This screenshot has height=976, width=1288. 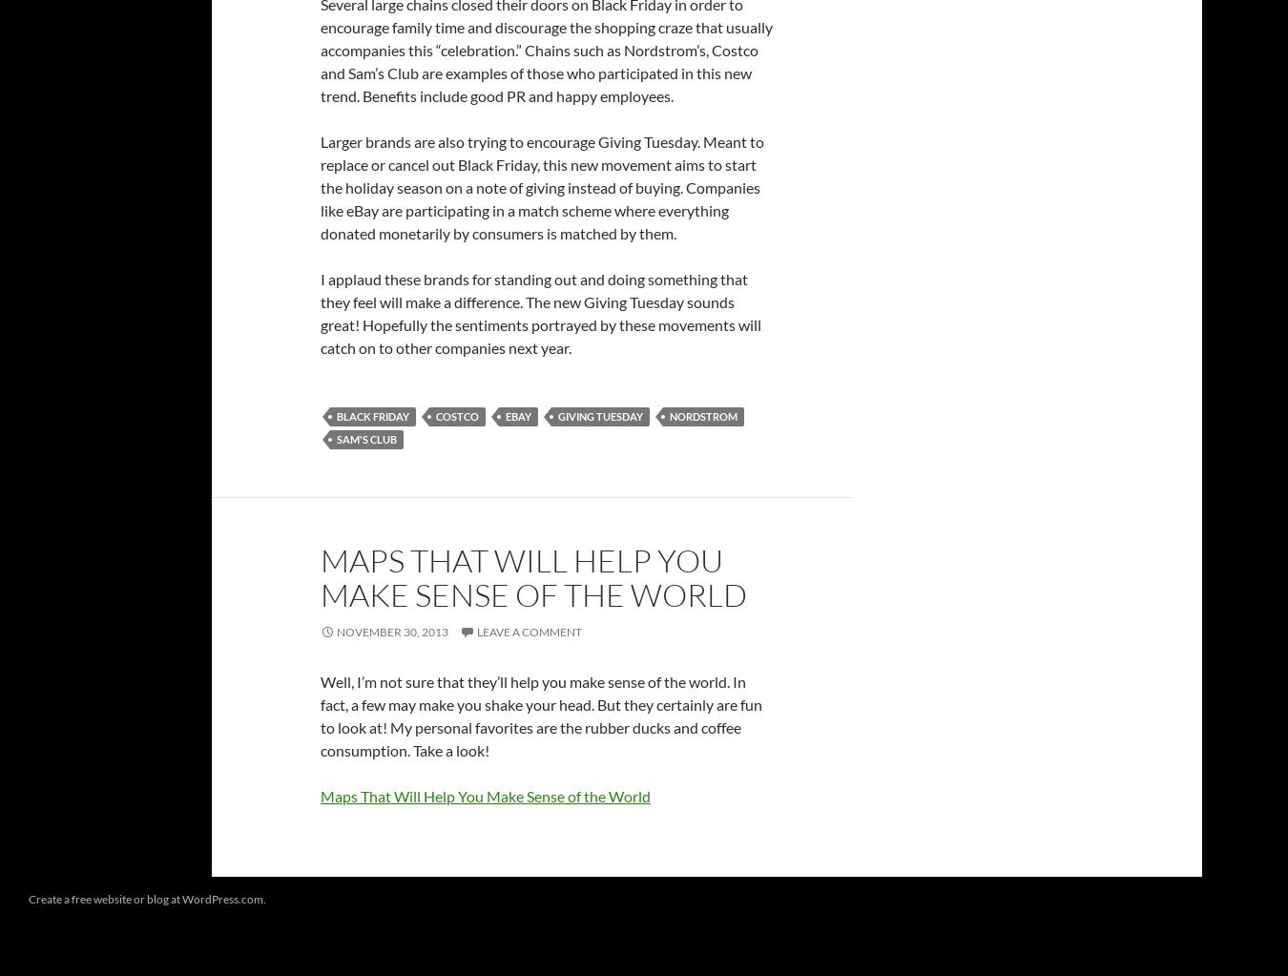 What do you see at coordinates (366, 438) in the screenshot?
I see `'Sam's Club'` at bounding box center [366, 438].